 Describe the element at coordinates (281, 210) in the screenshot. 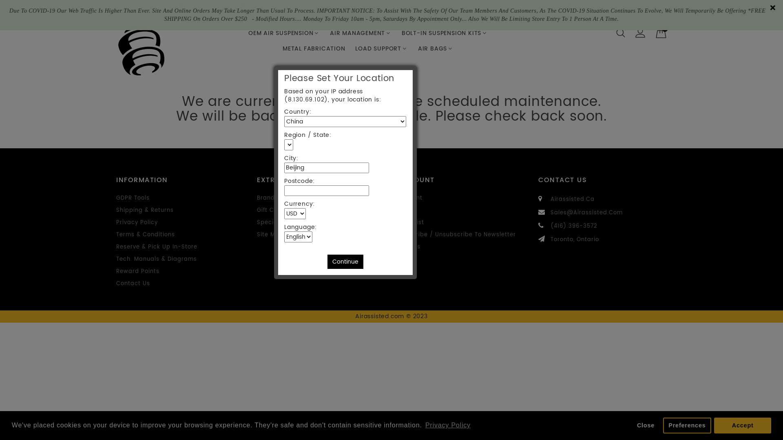

I see `'Gift Certificates'` at that location.